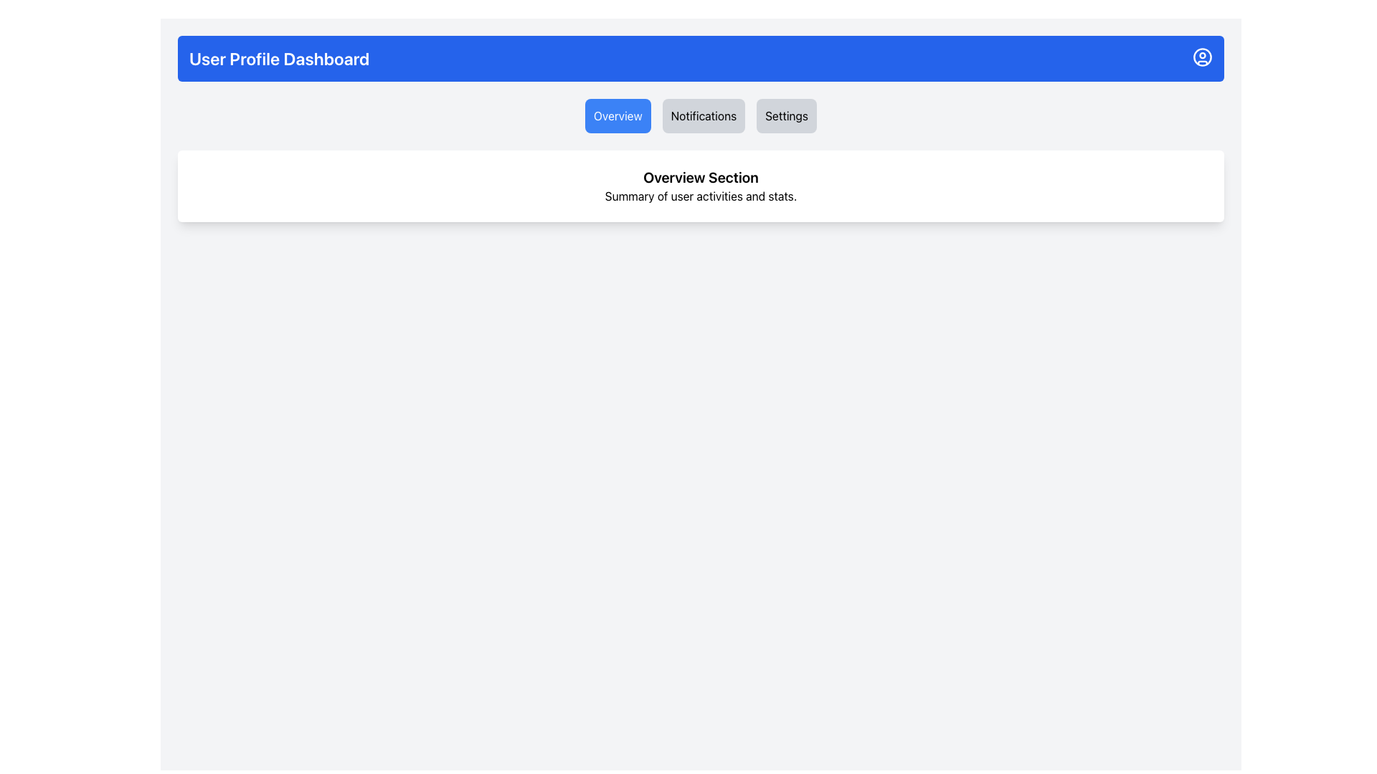  Describe the element at coordinates (1202, 57) in the screenshot. I see `the user profile icon located in the top right corner of the blue header bar labeled 'User Profile Dashboard'` at that location.